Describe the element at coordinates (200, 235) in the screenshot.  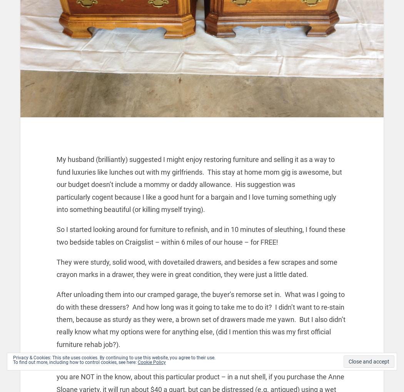
I see `'sleuthing, I found these two bedside tables on Craigslist – within 6 miles of our house – for FREE!'` at that location.